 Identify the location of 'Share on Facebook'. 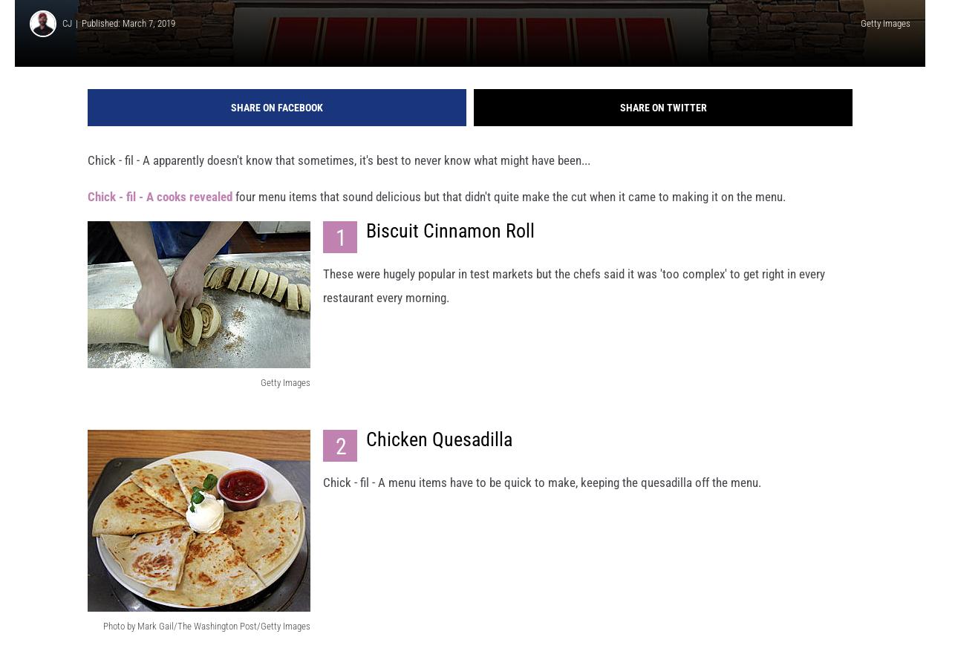
(276, 120).